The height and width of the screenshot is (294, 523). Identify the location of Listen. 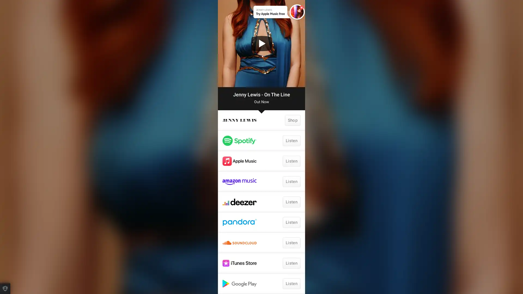
(291, 202).